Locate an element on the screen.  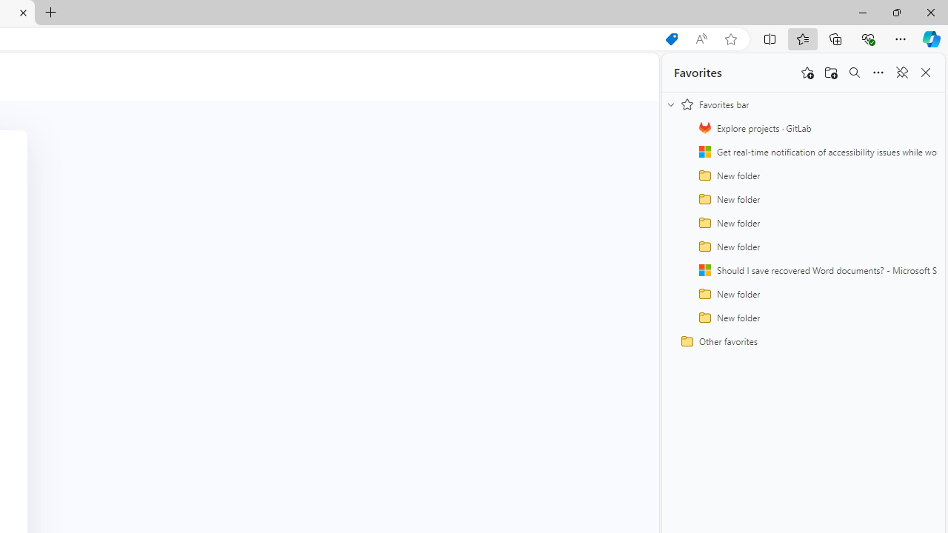
'Add this page to favorites' is located at coordinates (806, 73).